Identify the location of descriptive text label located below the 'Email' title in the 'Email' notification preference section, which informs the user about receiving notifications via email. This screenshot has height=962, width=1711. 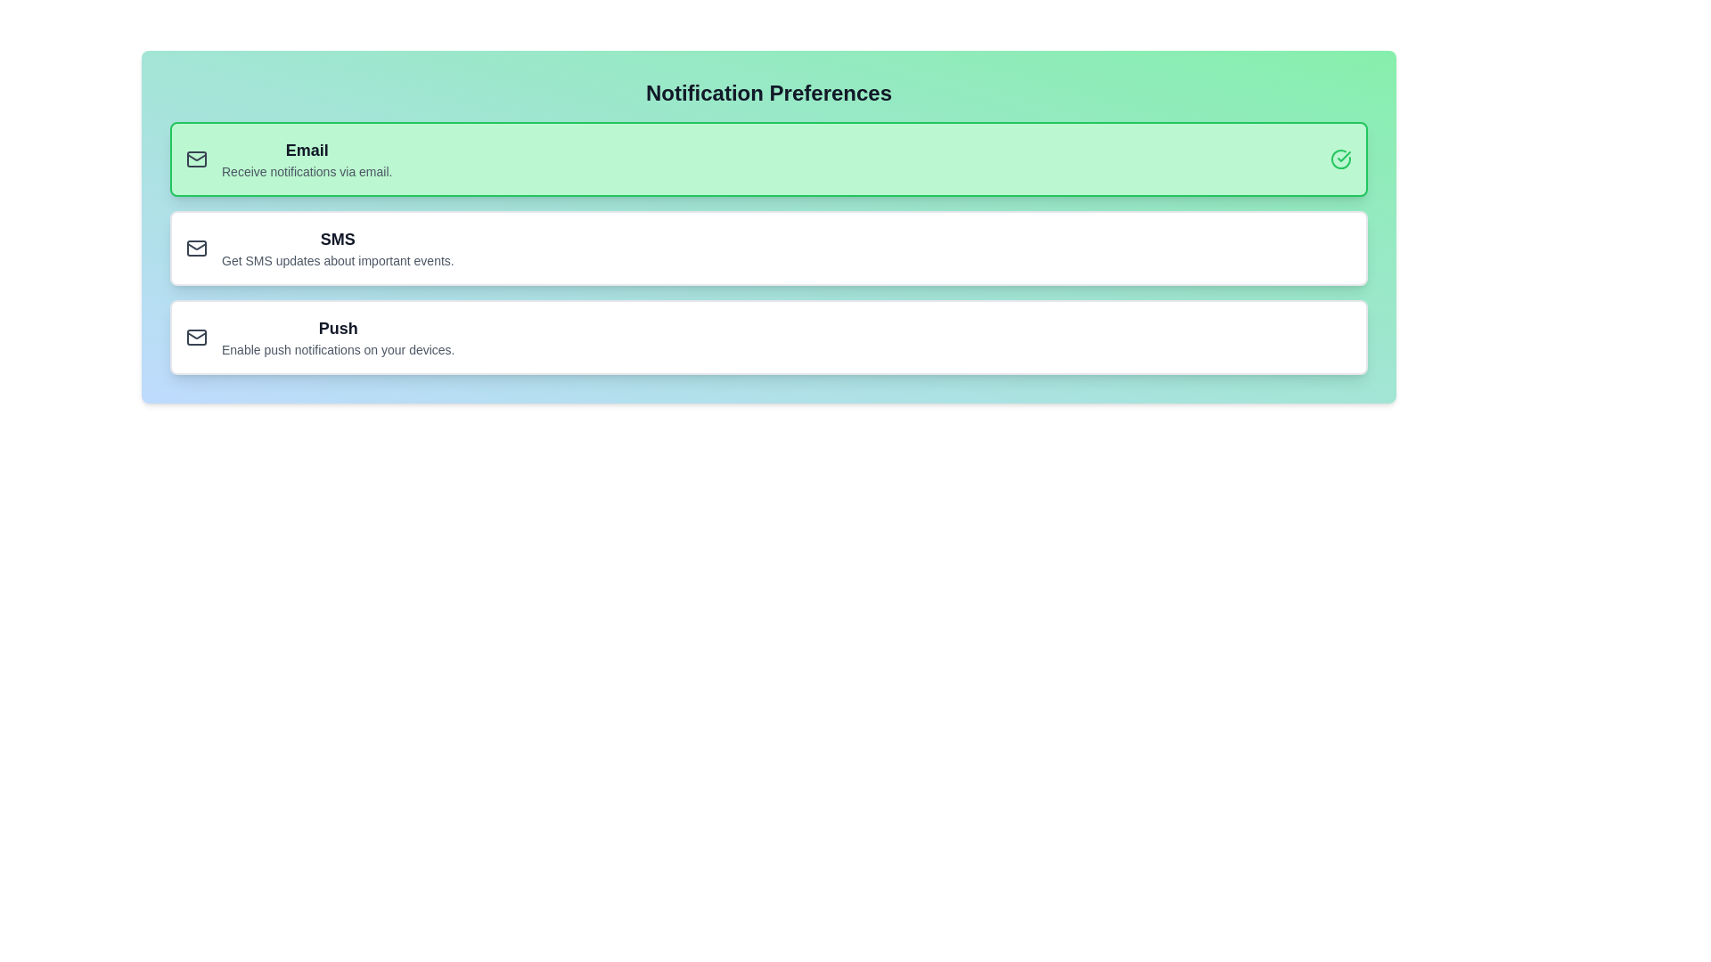
(307, 171).